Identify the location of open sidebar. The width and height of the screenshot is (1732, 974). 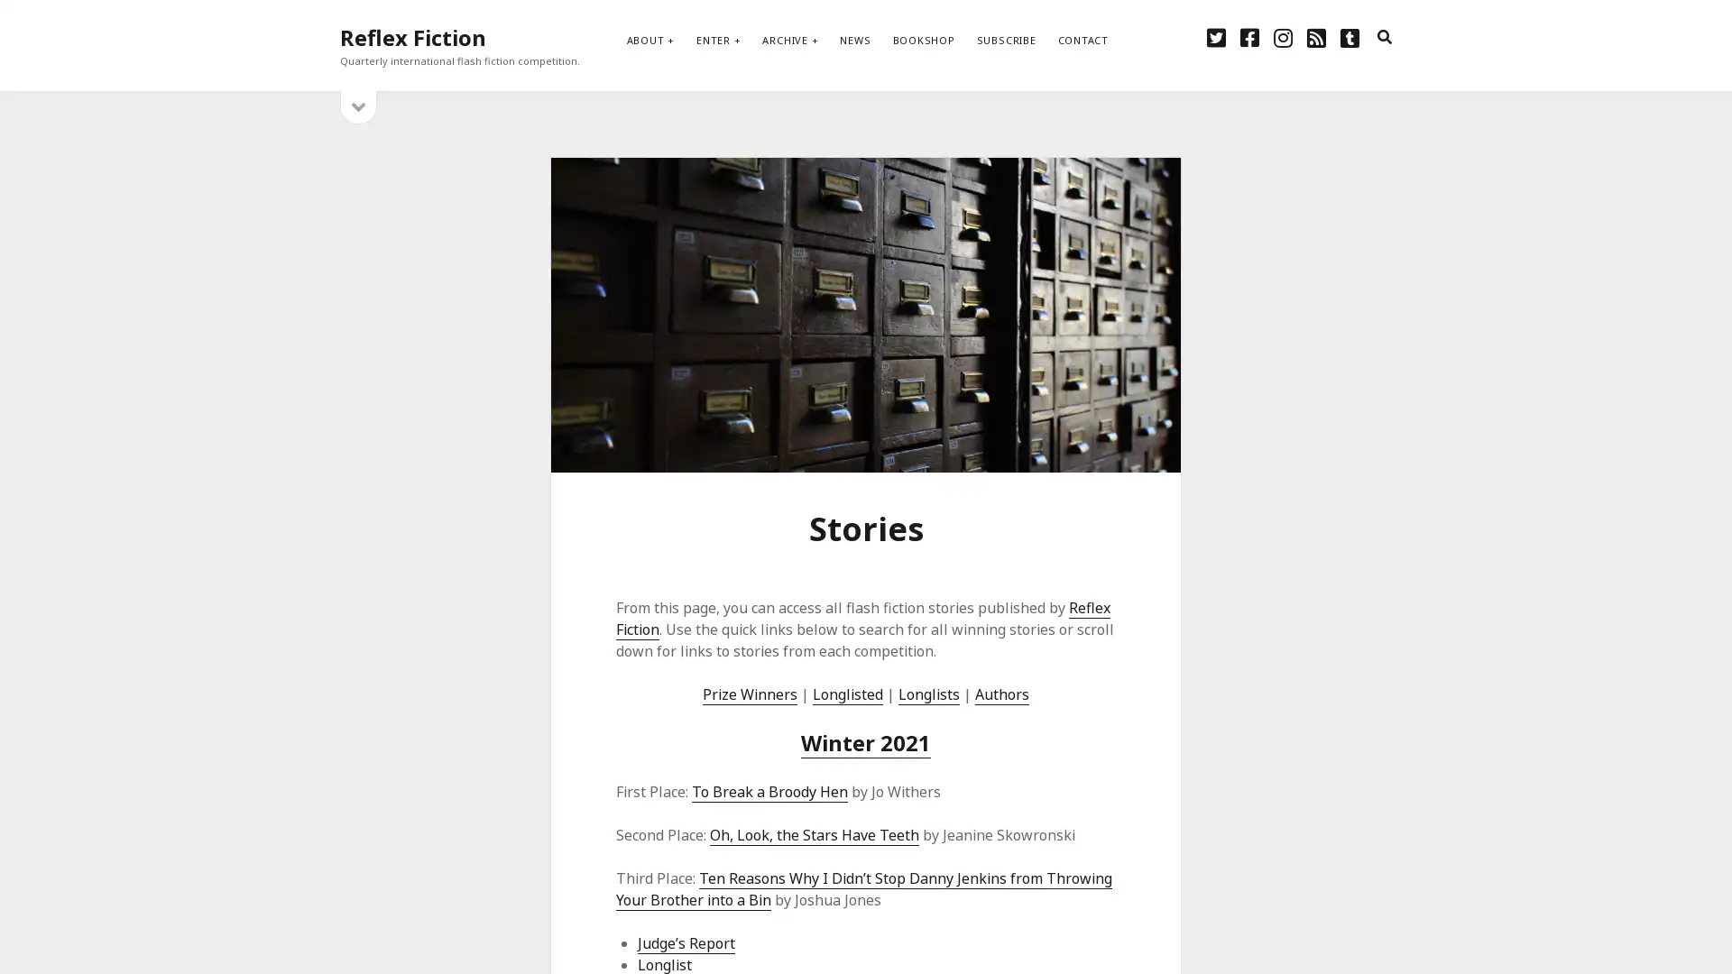
(357, 107).